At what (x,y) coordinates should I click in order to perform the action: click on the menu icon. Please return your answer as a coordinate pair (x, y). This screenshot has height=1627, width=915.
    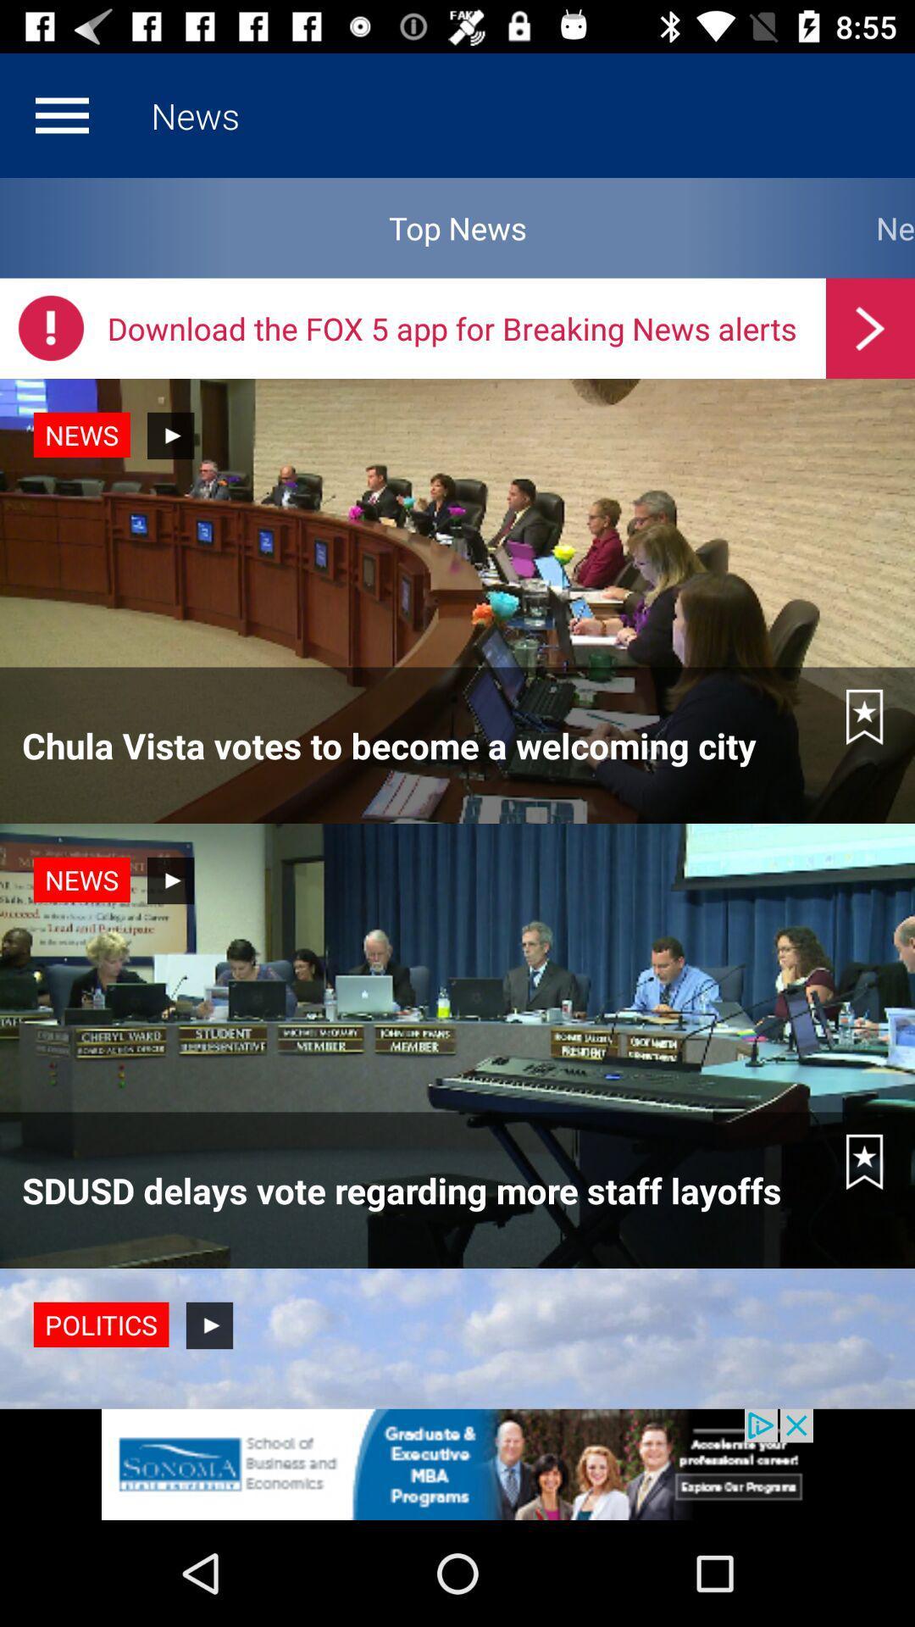
    Looking at the image, I should click on (61, 114).